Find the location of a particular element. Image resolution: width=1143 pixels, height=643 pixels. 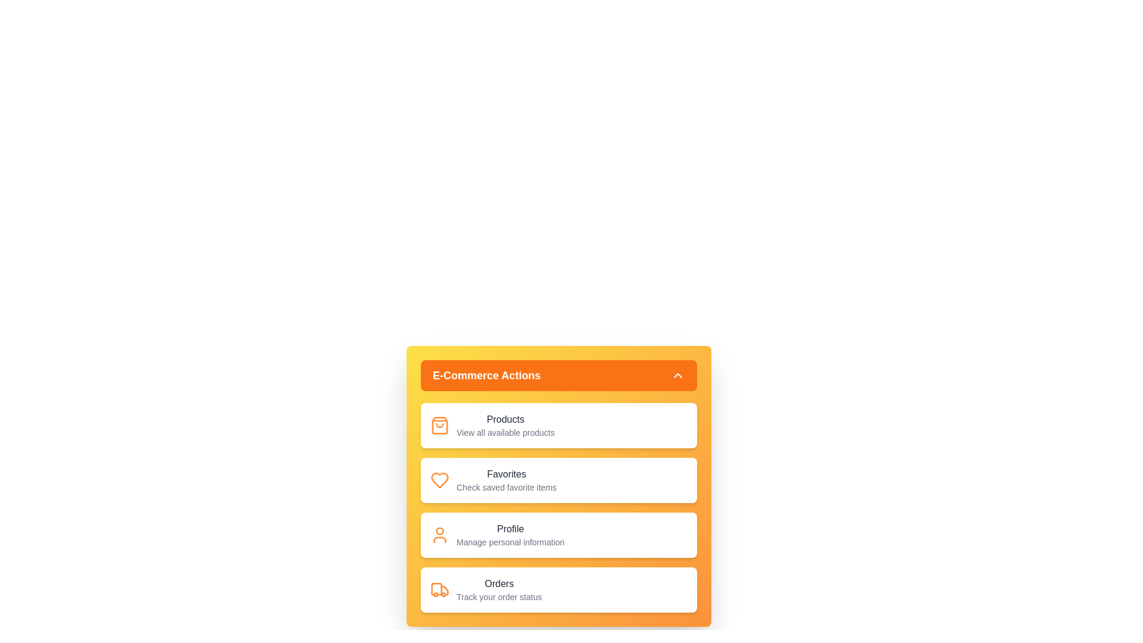

the menu item corresponding to Orders is located at coordinates (558, 590).